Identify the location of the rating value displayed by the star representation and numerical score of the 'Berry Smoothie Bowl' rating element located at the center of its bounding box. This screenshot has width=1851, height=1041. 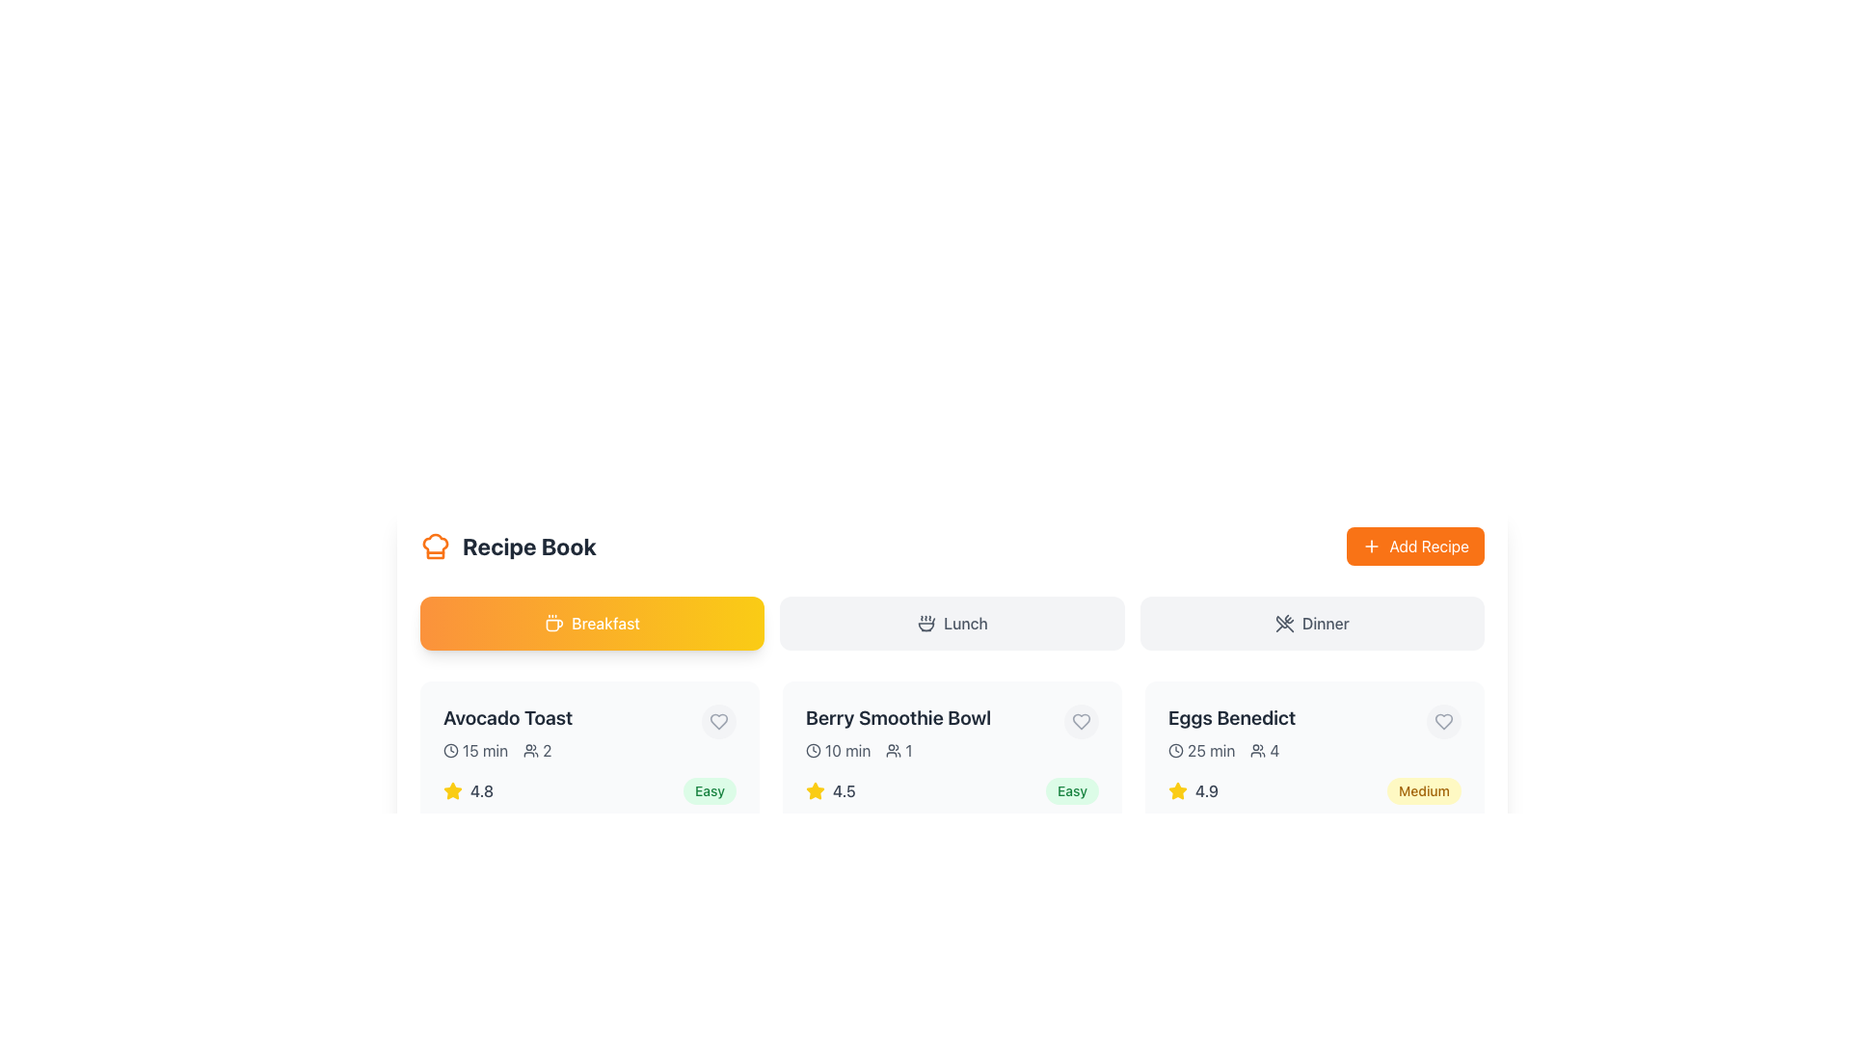
(830, 791).